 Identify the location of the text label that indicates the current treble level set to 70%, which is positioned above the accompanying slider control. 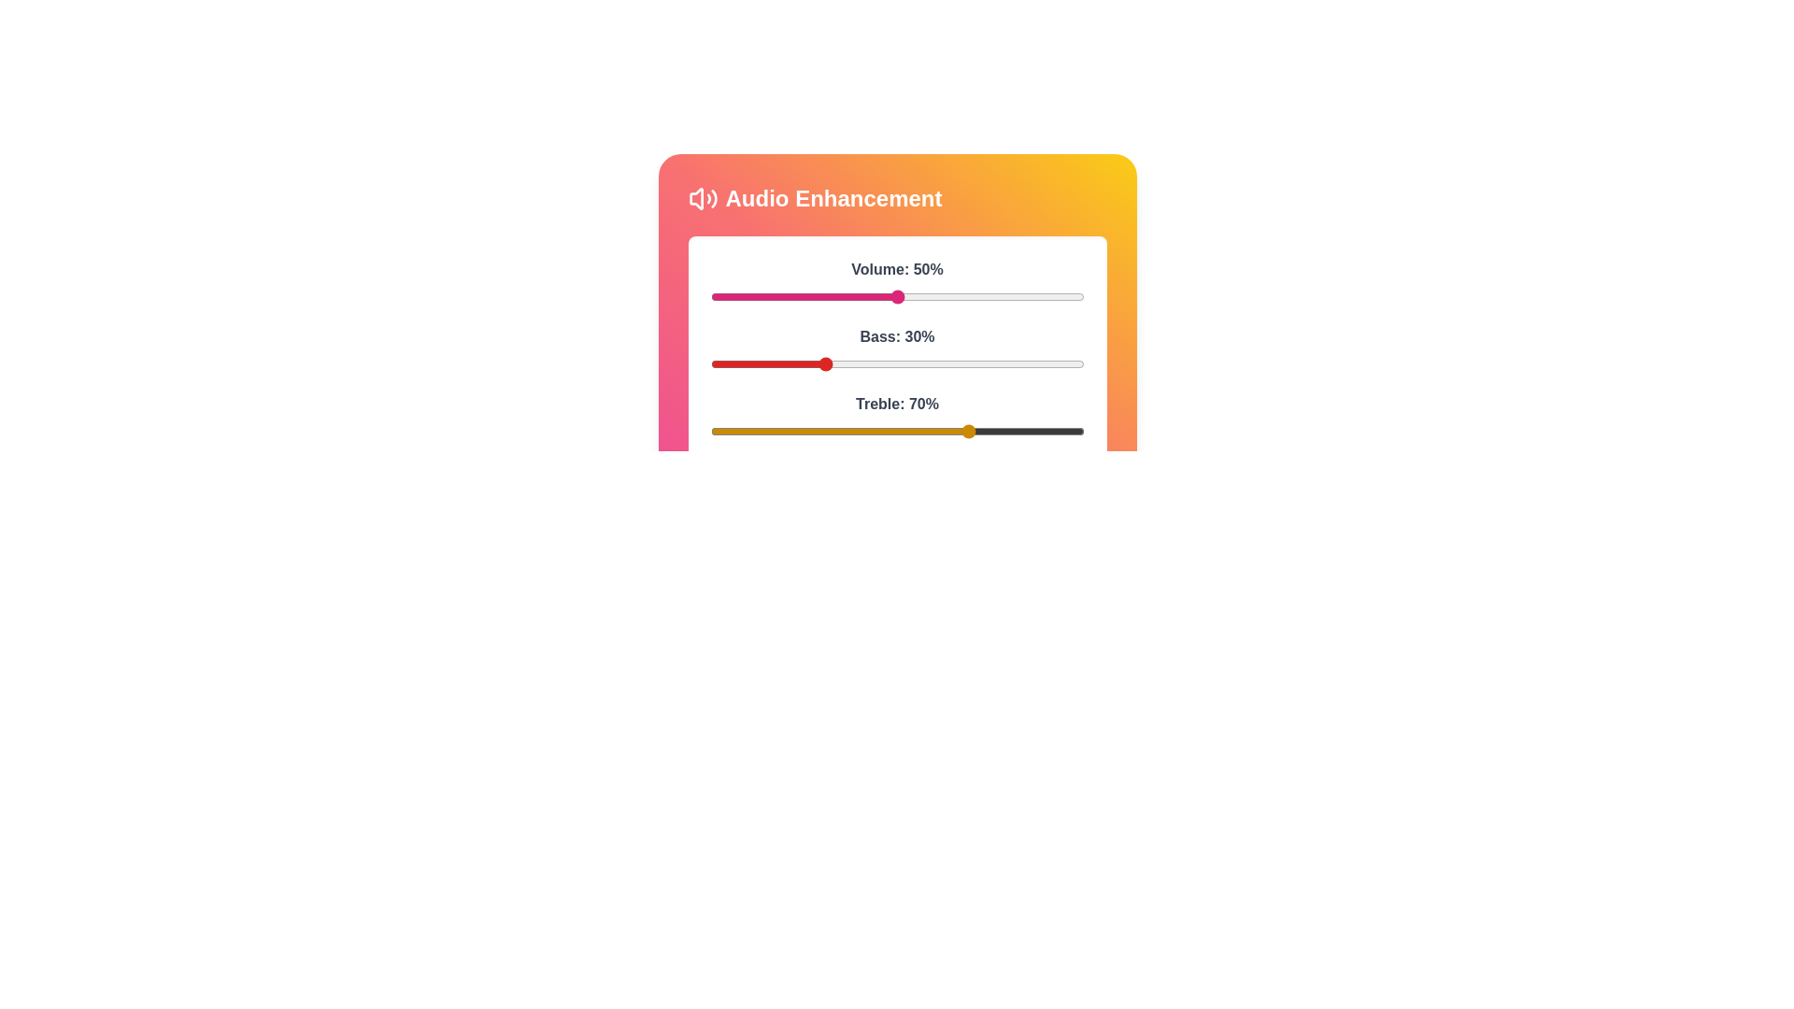
(897, 403).